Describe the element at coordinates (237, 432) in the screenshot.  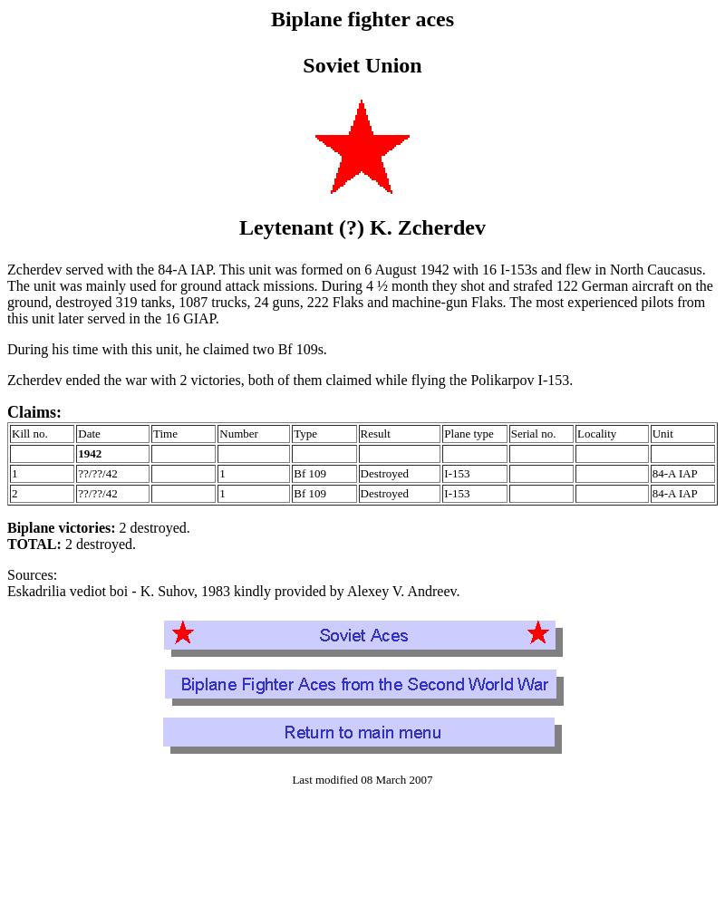
I see `'Number'` at that location.